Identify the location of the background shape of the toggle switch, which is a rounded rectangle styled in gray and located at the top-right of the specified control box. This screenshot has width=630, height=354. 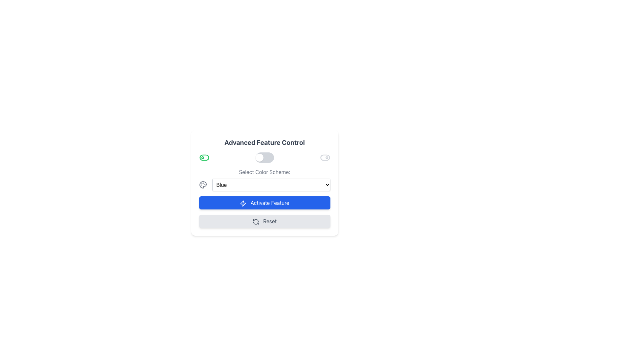
(325, 158).